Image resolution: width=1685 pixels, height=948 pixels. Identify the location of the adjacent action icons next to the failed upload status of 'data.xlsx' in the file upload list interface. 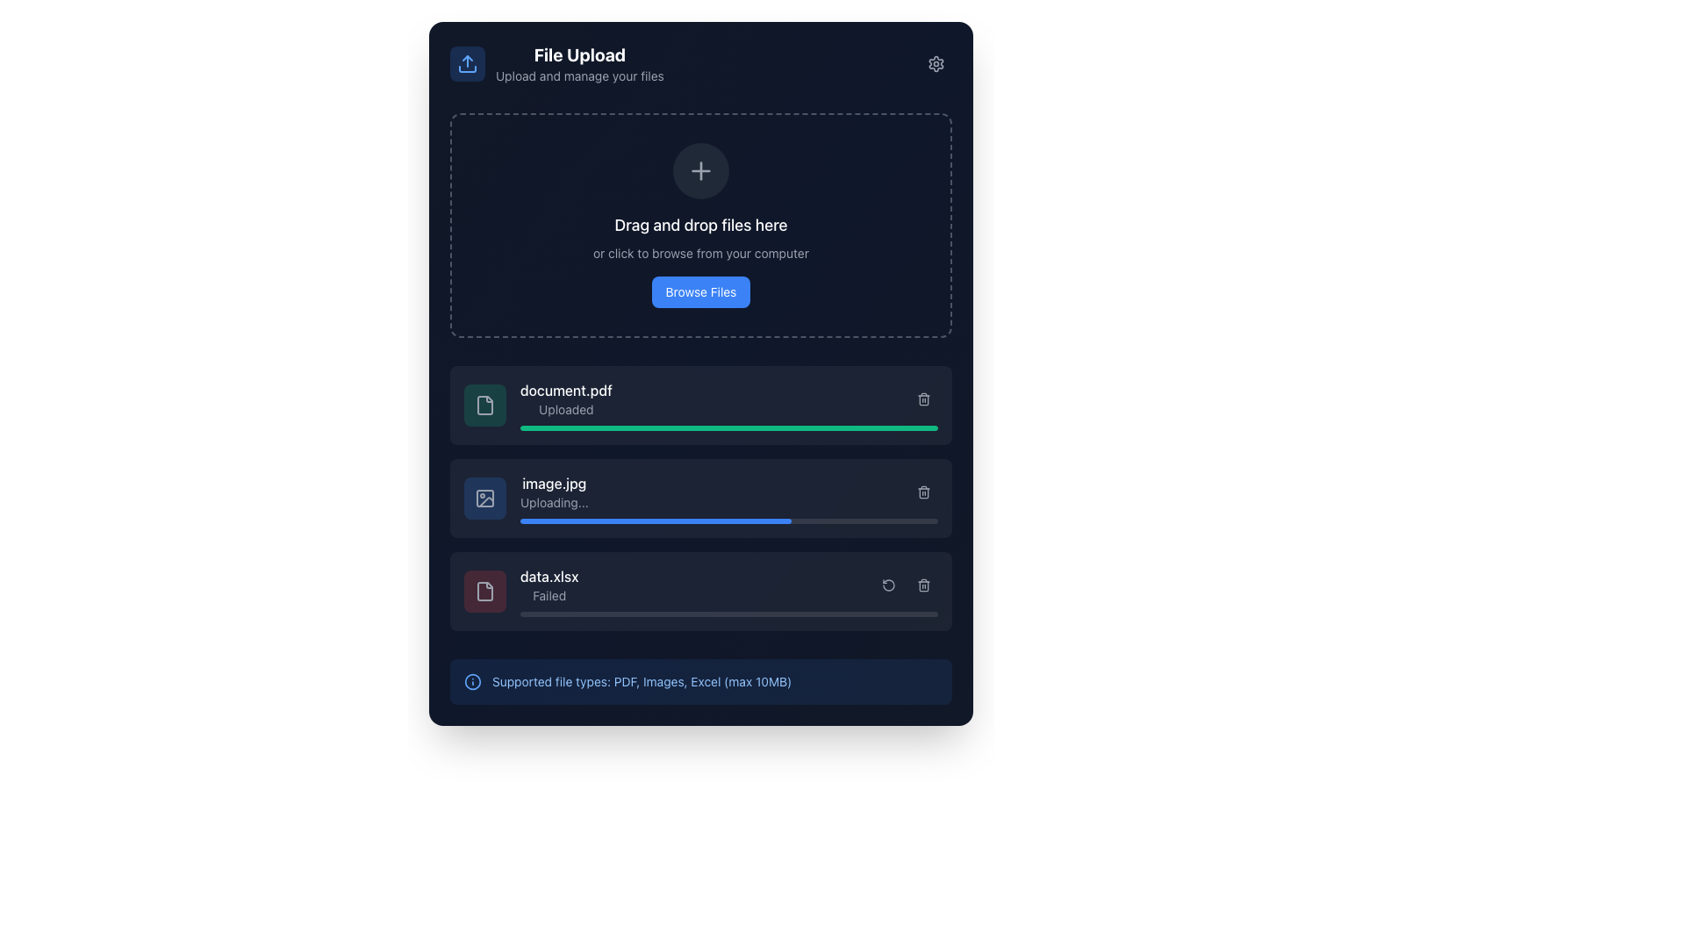
(548, 585).